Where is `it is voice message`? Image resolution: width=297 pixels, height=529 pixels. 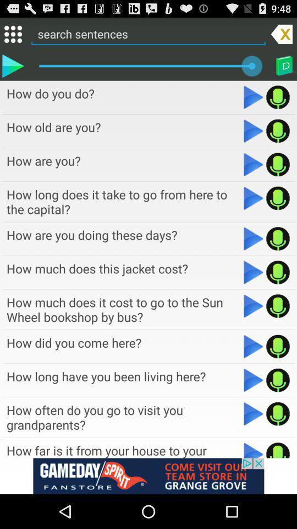
it is voice message is located at coordinates (277, 380).